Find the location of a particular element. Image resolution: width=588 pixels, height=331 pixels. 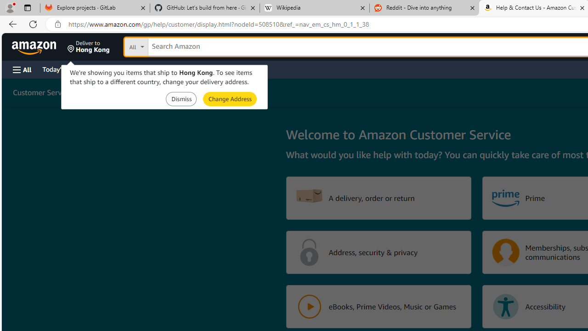

'Search in' is located at coordinates (170, 46).